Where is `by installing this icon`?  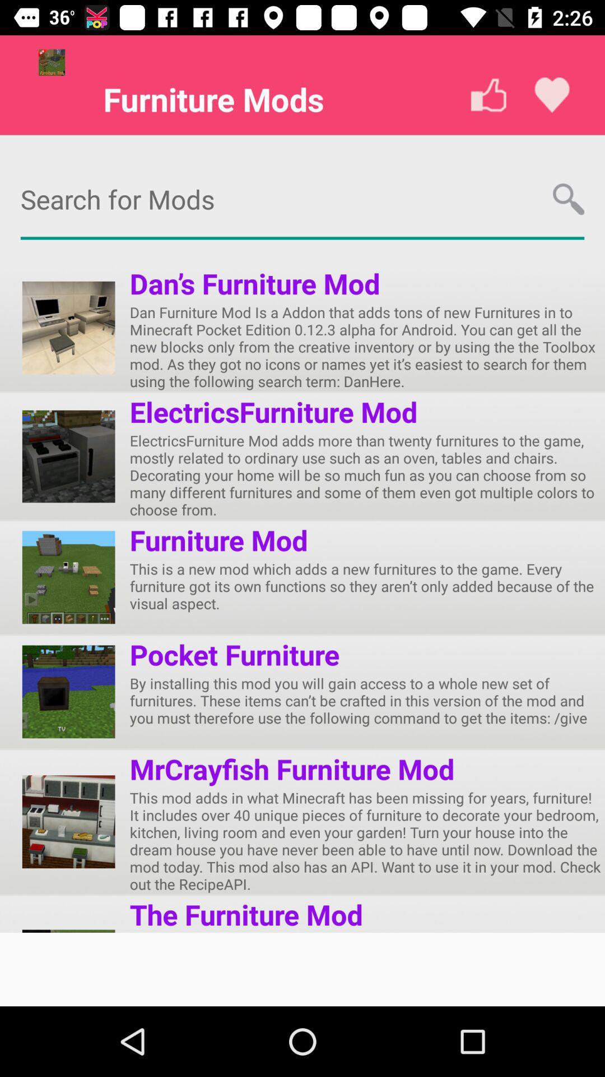
by installing this icon is located at coordinates (367, 700).